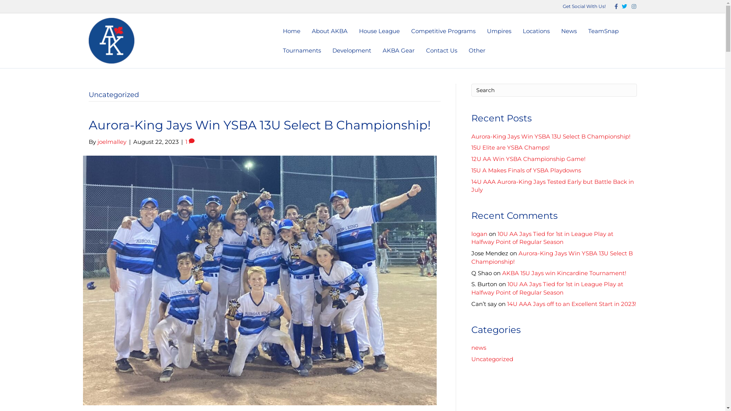 The image size is (731, 411). Describe the element at coordinates (471, 233) in the screenshot. I see `'logan'` at that location.